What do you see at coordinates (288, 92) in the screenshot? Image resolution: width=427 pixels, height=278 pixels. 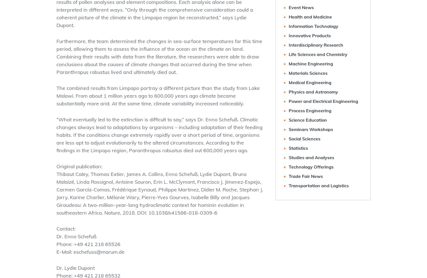 I see `'Physics and Astronomy'` at bounding box center [288, 92].